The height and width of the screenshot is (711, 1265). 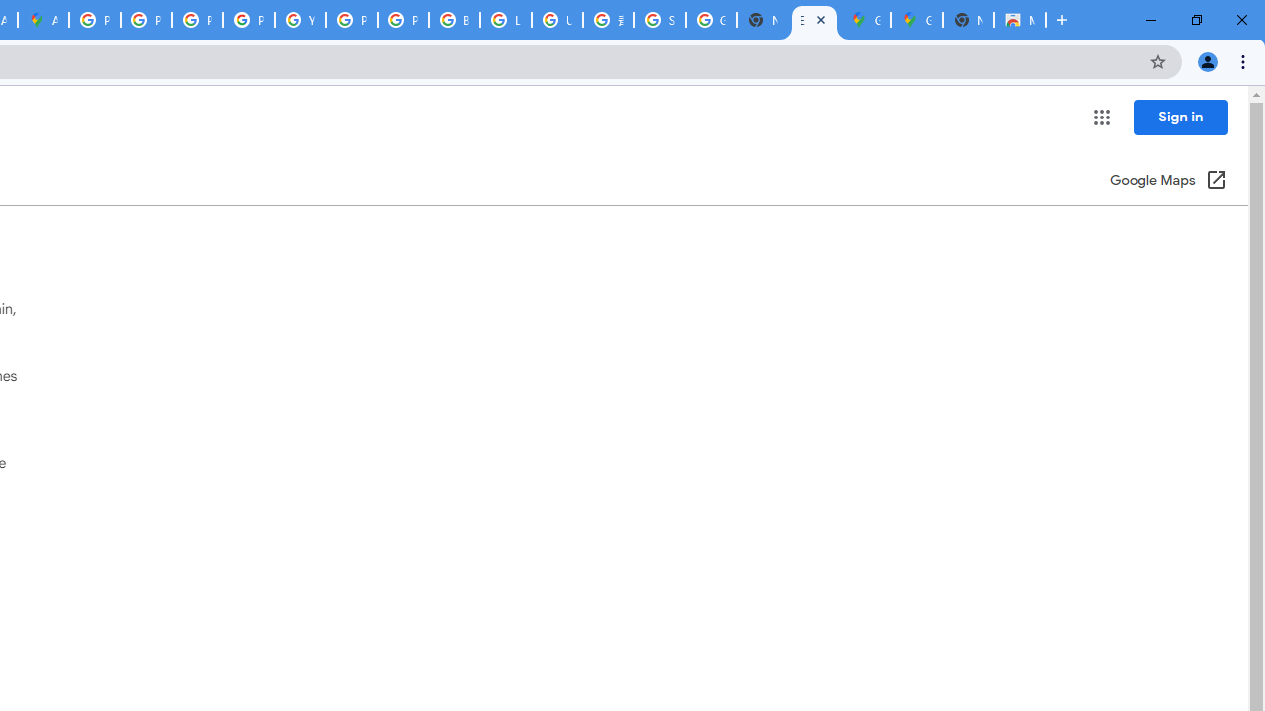 What do you see at coordinates (144, 20) in the screenshot?
I see `'Privacy Help Center - Policies Help'` at bounding box center [144, 20].